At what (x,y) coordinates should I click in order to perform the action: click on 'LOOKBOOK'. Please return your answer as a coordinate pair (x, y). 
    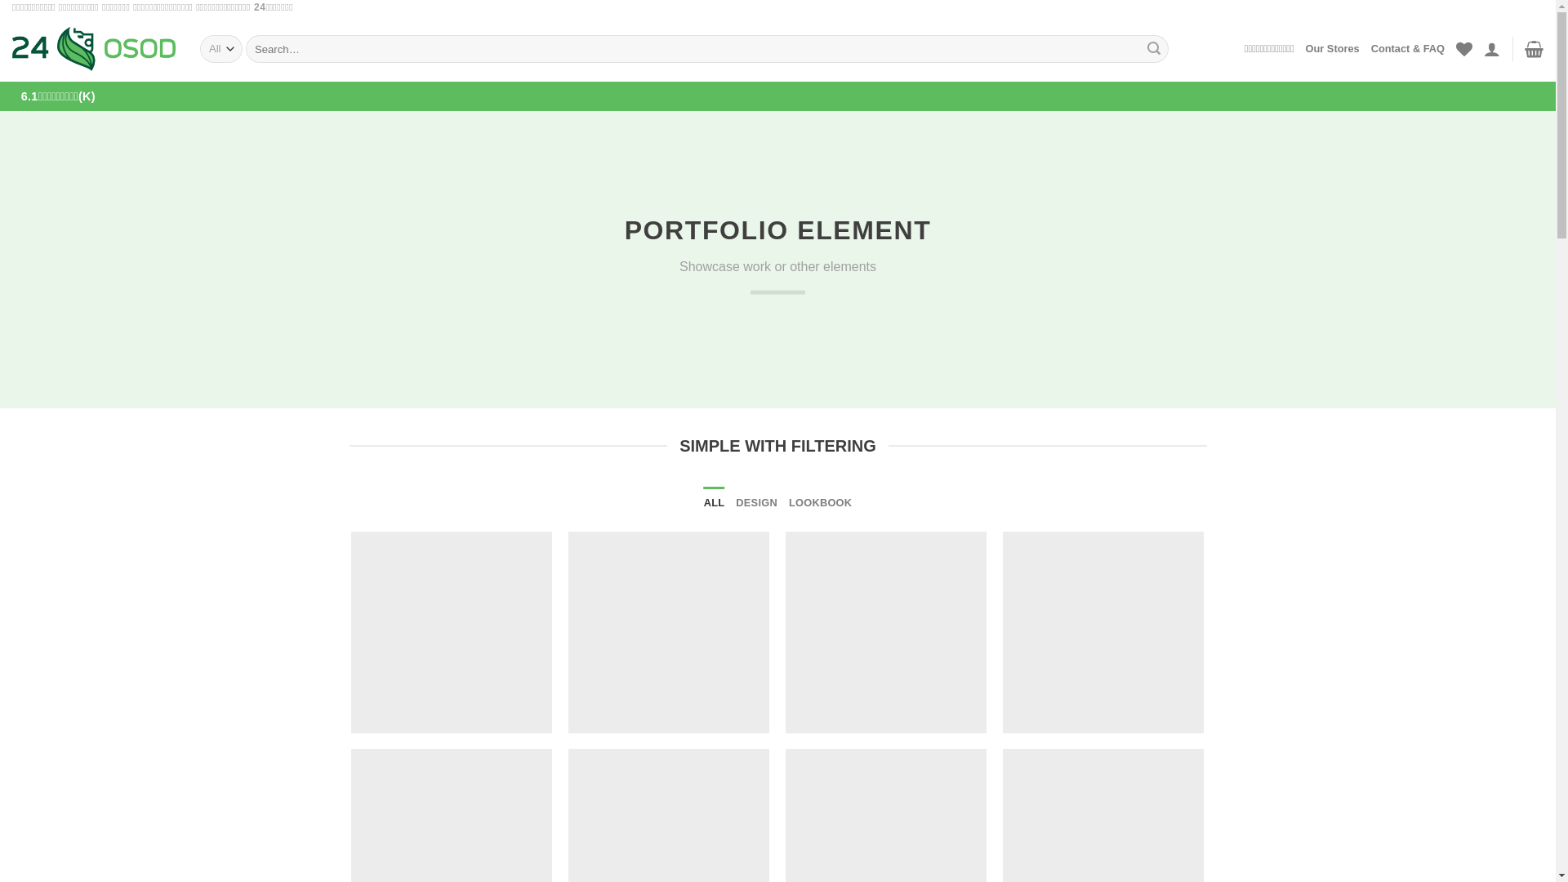
    Looking at the image, I should click on (820, 502).